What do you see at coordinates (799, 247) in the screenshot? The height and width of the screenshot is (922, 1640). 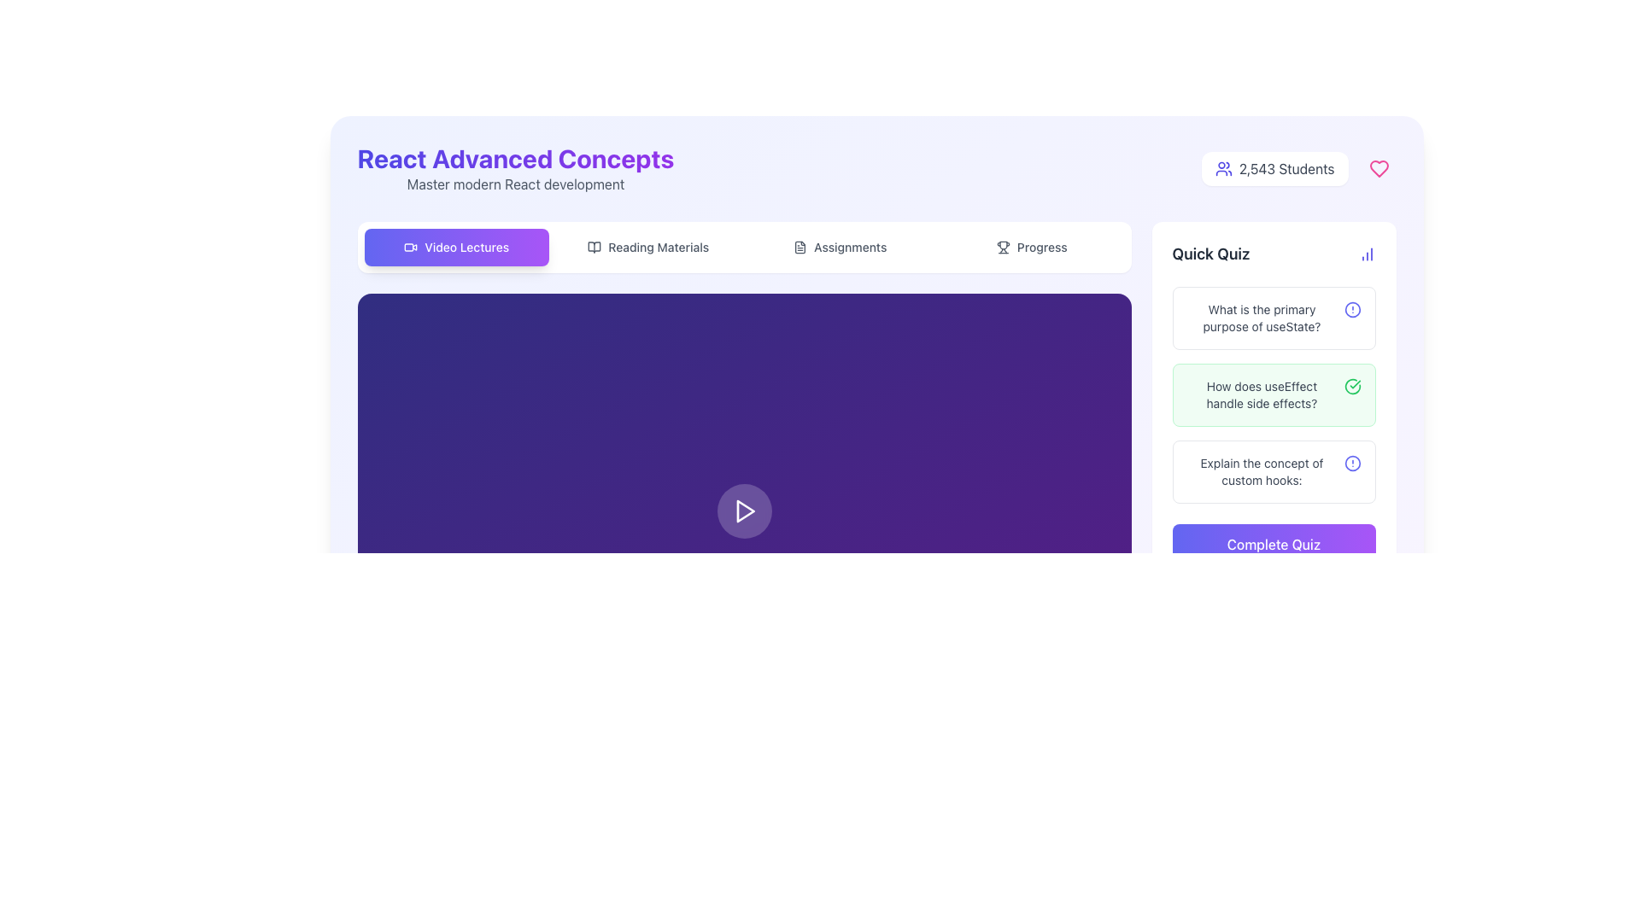 I see `the 'Assignments' menu item icon, which is the second item in the header menu layout representing the 'Assignments' functionality` at bounding box center [799, 247].